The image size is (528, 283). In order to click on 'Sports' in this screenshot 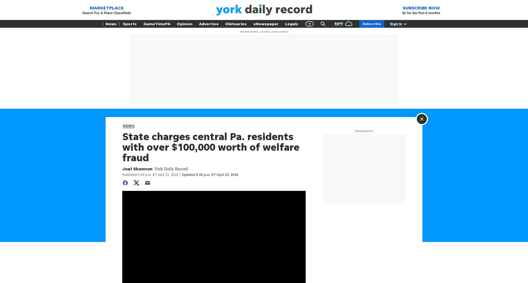, I will do `click(129, 24)`.